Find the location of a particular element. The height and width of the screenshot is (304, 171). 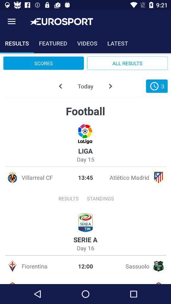

the item above the results is located at coordinates (11, 22).